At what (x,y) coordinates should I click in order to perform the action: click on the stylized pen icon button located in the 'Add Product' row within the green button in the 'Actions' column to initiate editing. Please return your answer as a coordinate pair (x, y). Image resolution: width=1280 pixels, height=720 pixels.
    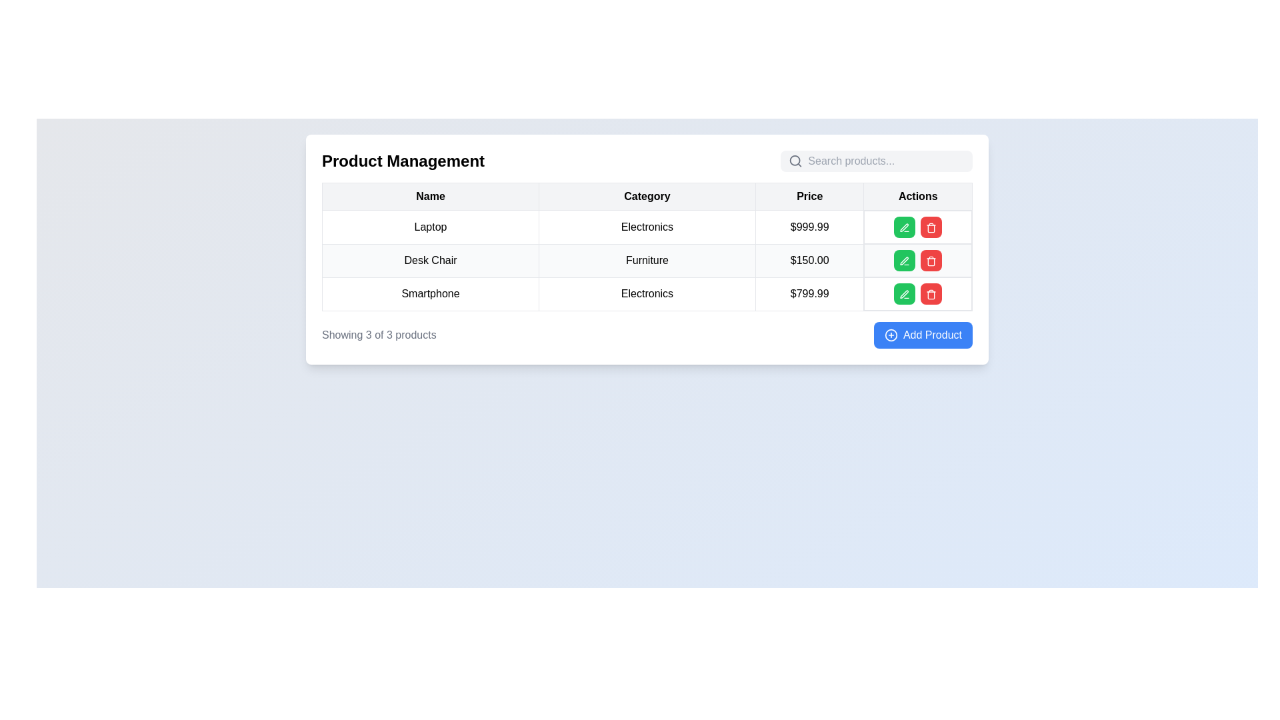
    Looking at the image, I should click on (905, 293).